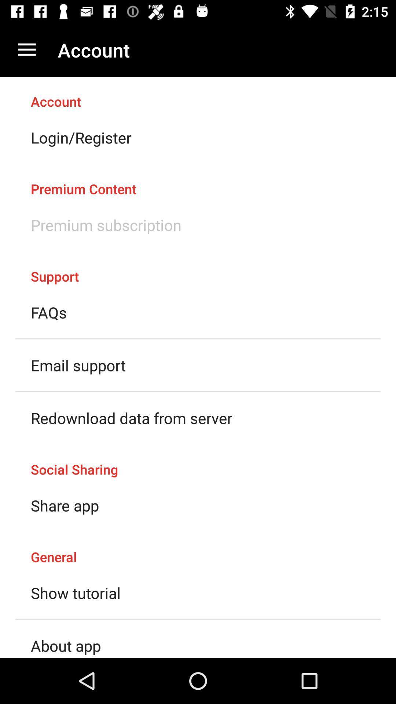  What do you see at coordinates (76, 593) in the screenshot?
I see `the show tutorial item` at bounding box center [76, 593].